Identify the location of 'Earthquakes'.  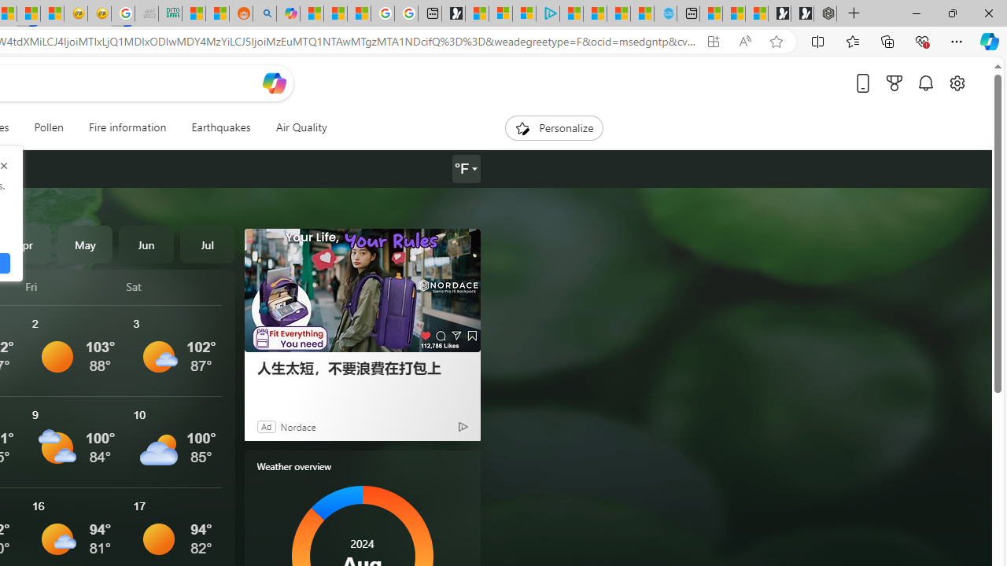
(219, 127).